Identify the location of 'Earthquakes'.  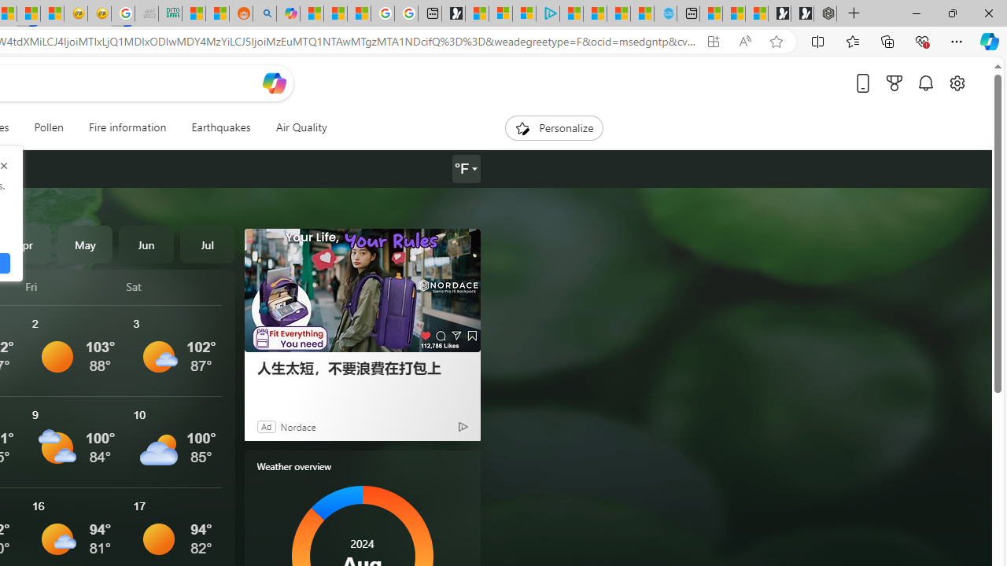
(219, 127).